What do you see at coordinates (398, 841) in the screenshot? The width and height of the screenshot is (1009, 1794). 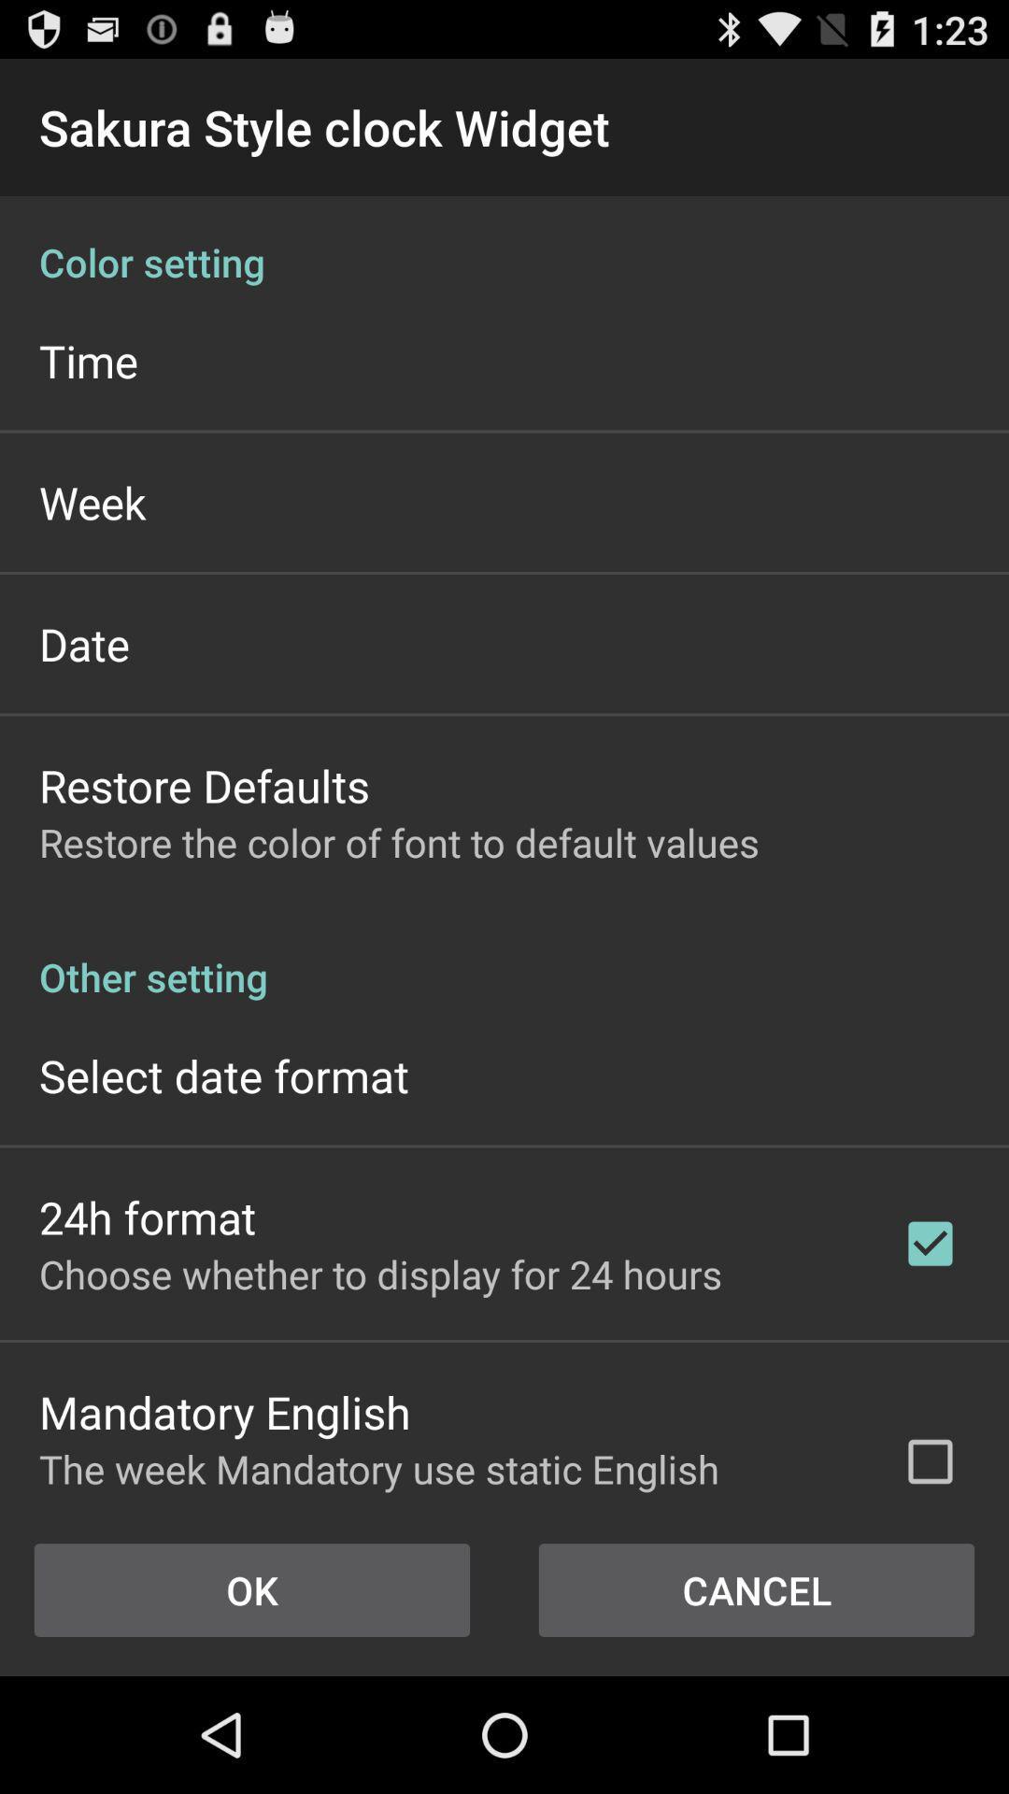 I see `restore the color` at bounding box center [398, 841].